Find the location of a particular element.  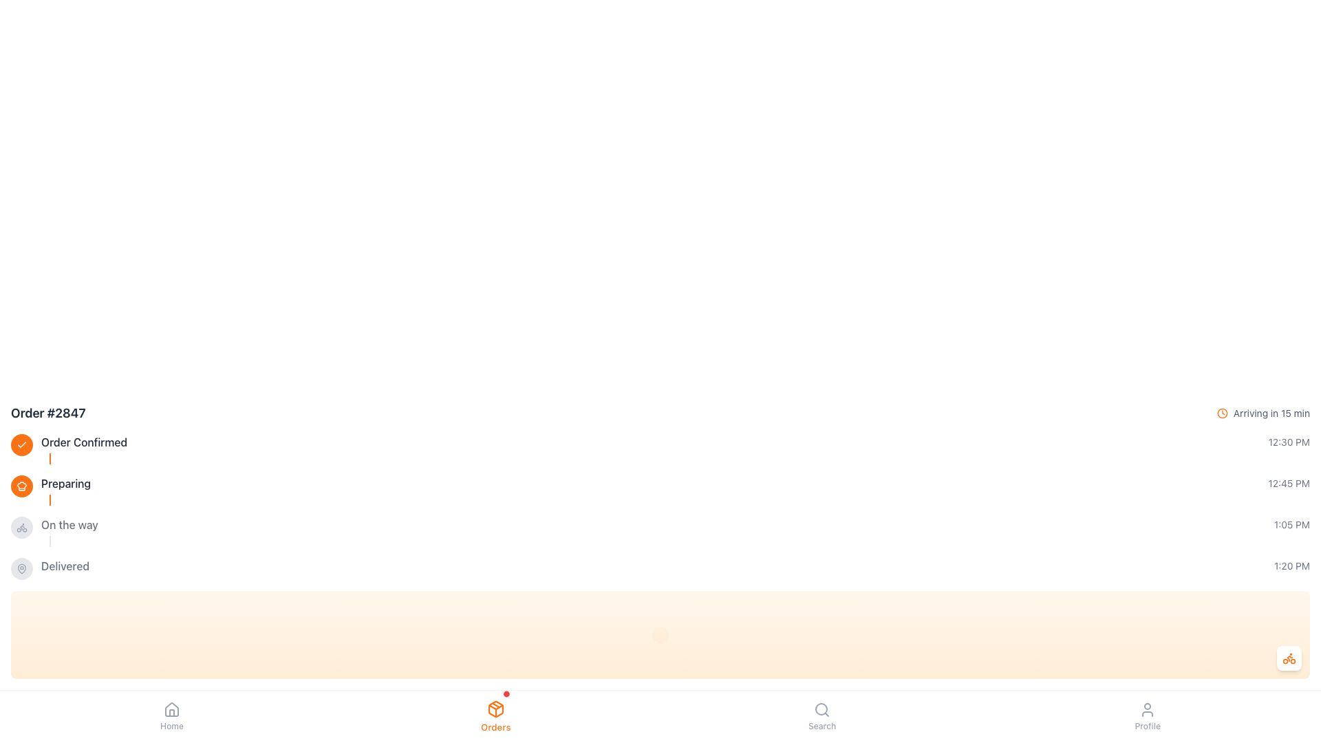

the small, rounded, orange-colored circle located centrally within the gradient orange area at the bottom of the interface is located at coordinates (660, 634).